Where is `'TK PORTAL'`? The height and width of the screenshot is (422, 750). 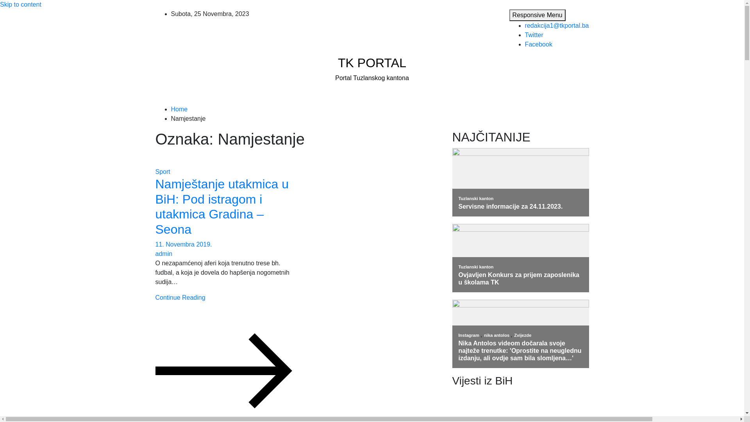
'TK PORTAL' is located at coordinates (371, 63).